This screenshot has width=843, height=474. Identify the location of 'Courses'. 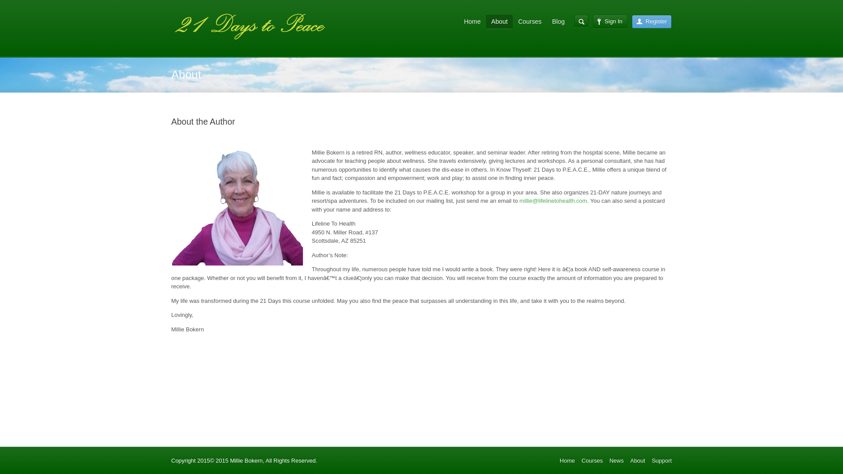
(592, 460).